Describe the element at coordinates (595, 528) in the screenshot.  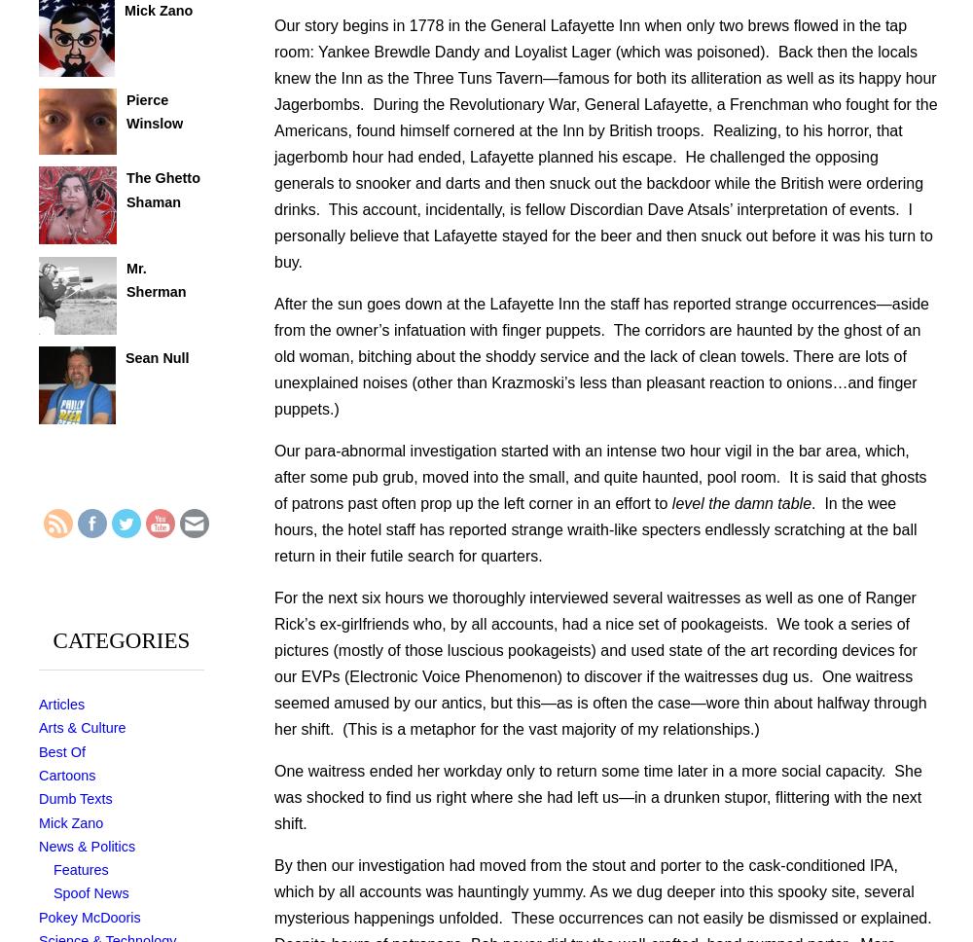
I see `'.  In the wee hours, the hotel staff has reported strange wraith-like specters endlessly scratching at the ball return in their futile search for quarters.'` at that location.